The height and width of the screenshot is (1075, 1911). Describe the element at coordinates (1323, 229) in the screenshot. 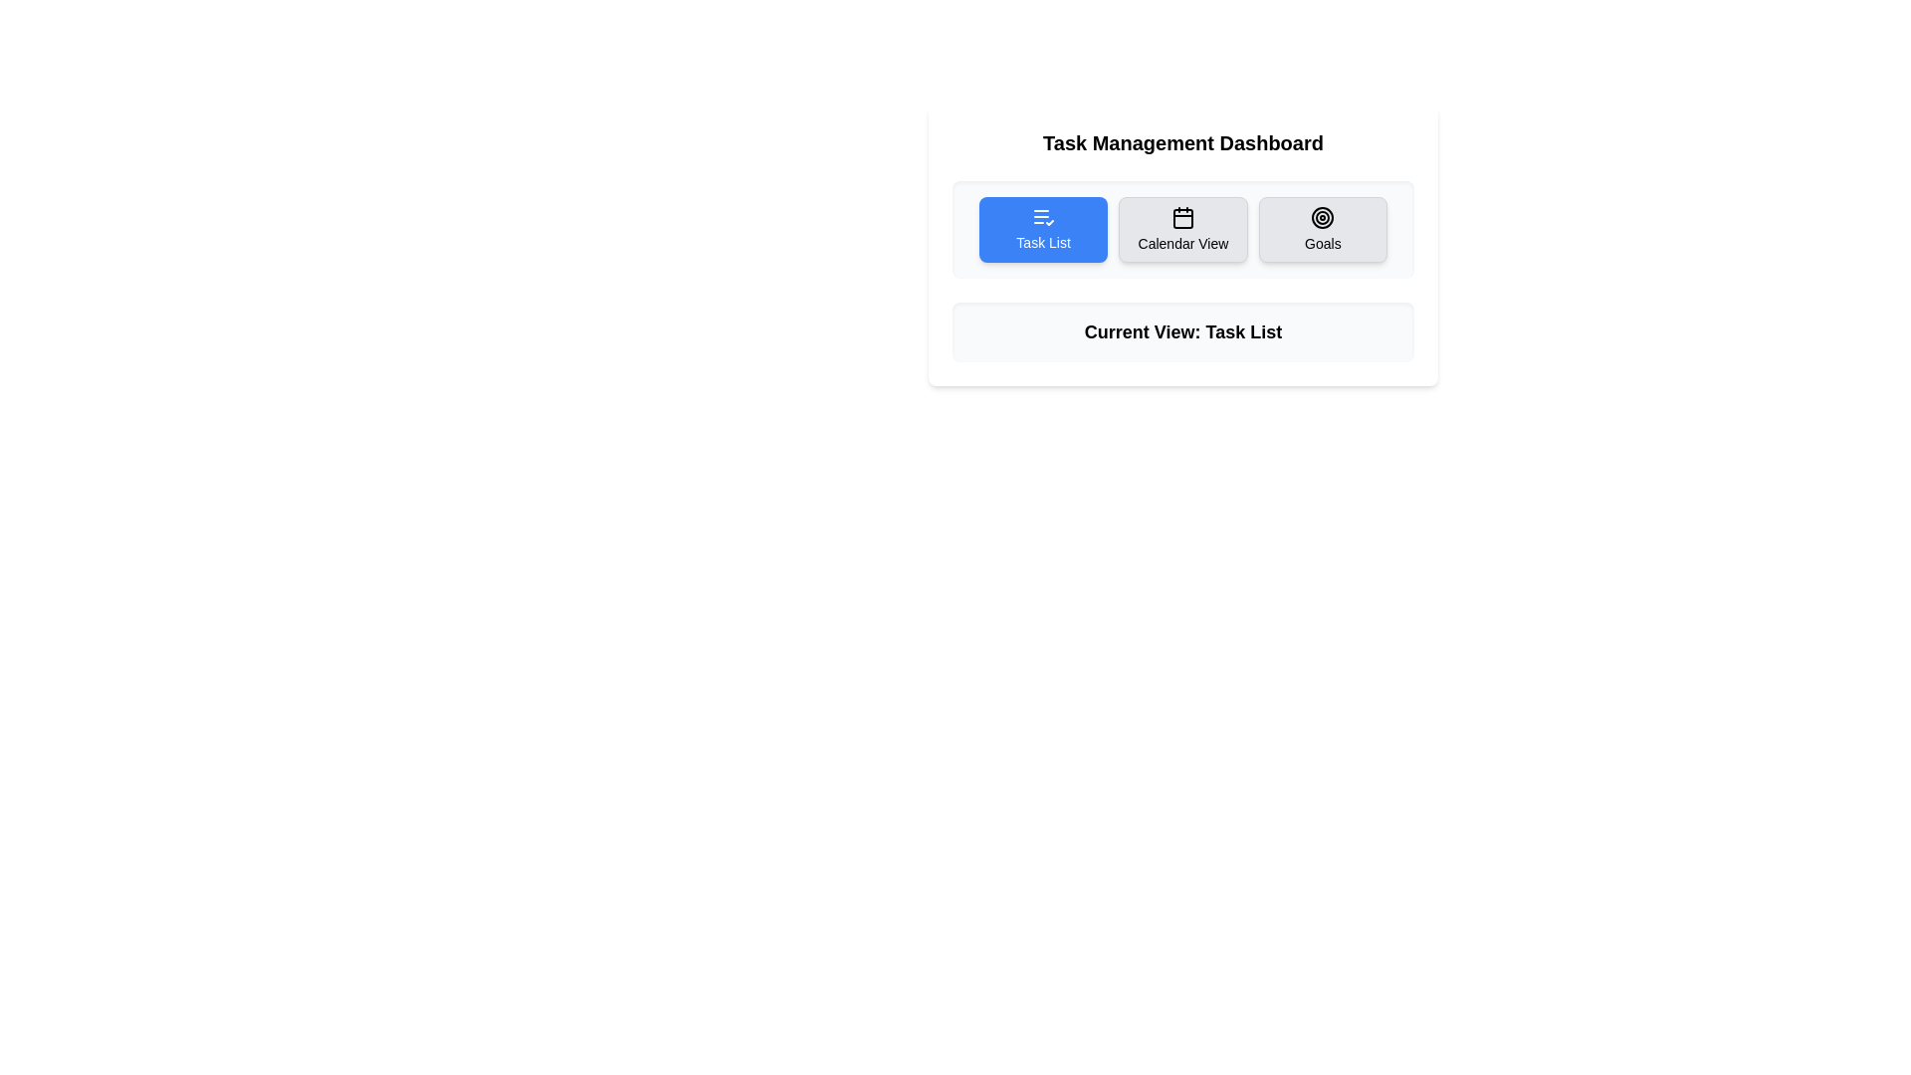

I see `the 'Goals' button, which is a rounded rectangular button with a soft grey background and a target icon above the text 'Goals', positioned as the third button in a row of three` at that location.